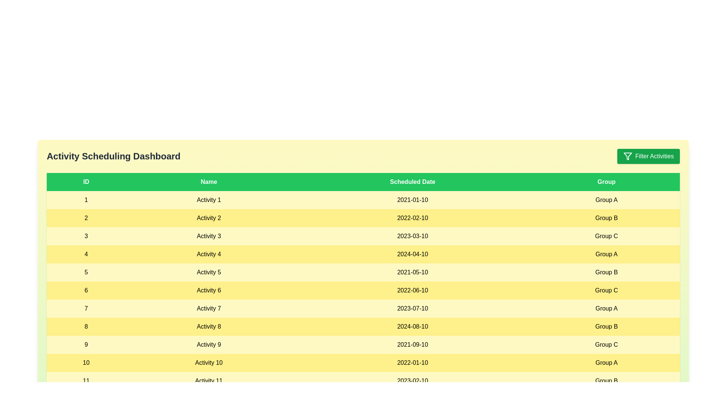 The height and width of the screenshot is (407, 724). I want to click on the 'Filter Activities' button to open the filtering options, so click(648, 156).